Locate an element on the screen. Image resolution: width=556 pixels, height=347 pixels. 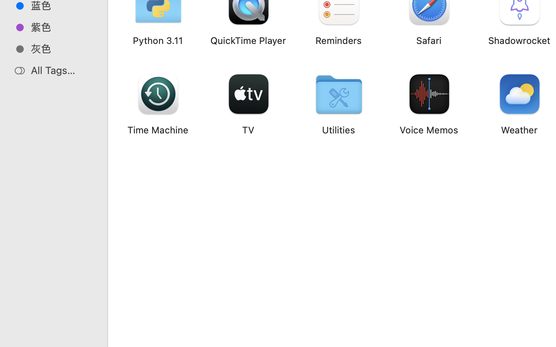
'紫色' is located at coordinates (61, 27).